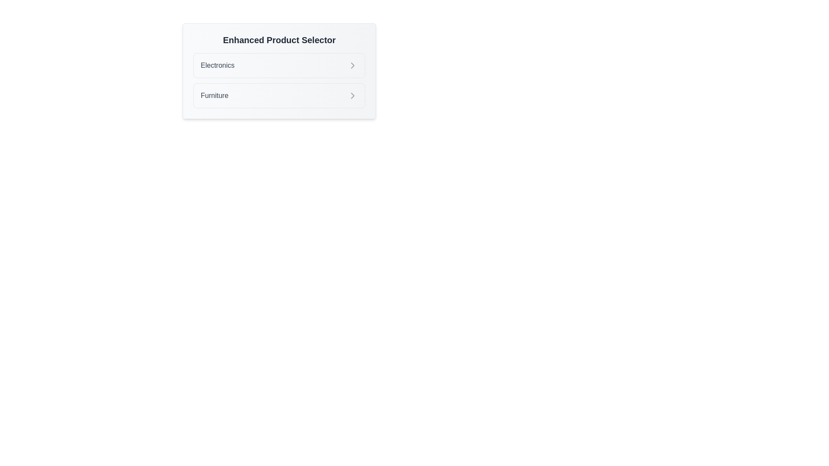 The height and width of the screenshot is (466, 829). I want to click on the right-pointing chevron icon, which is part of the 'Electronics' option, so click(352, 65).